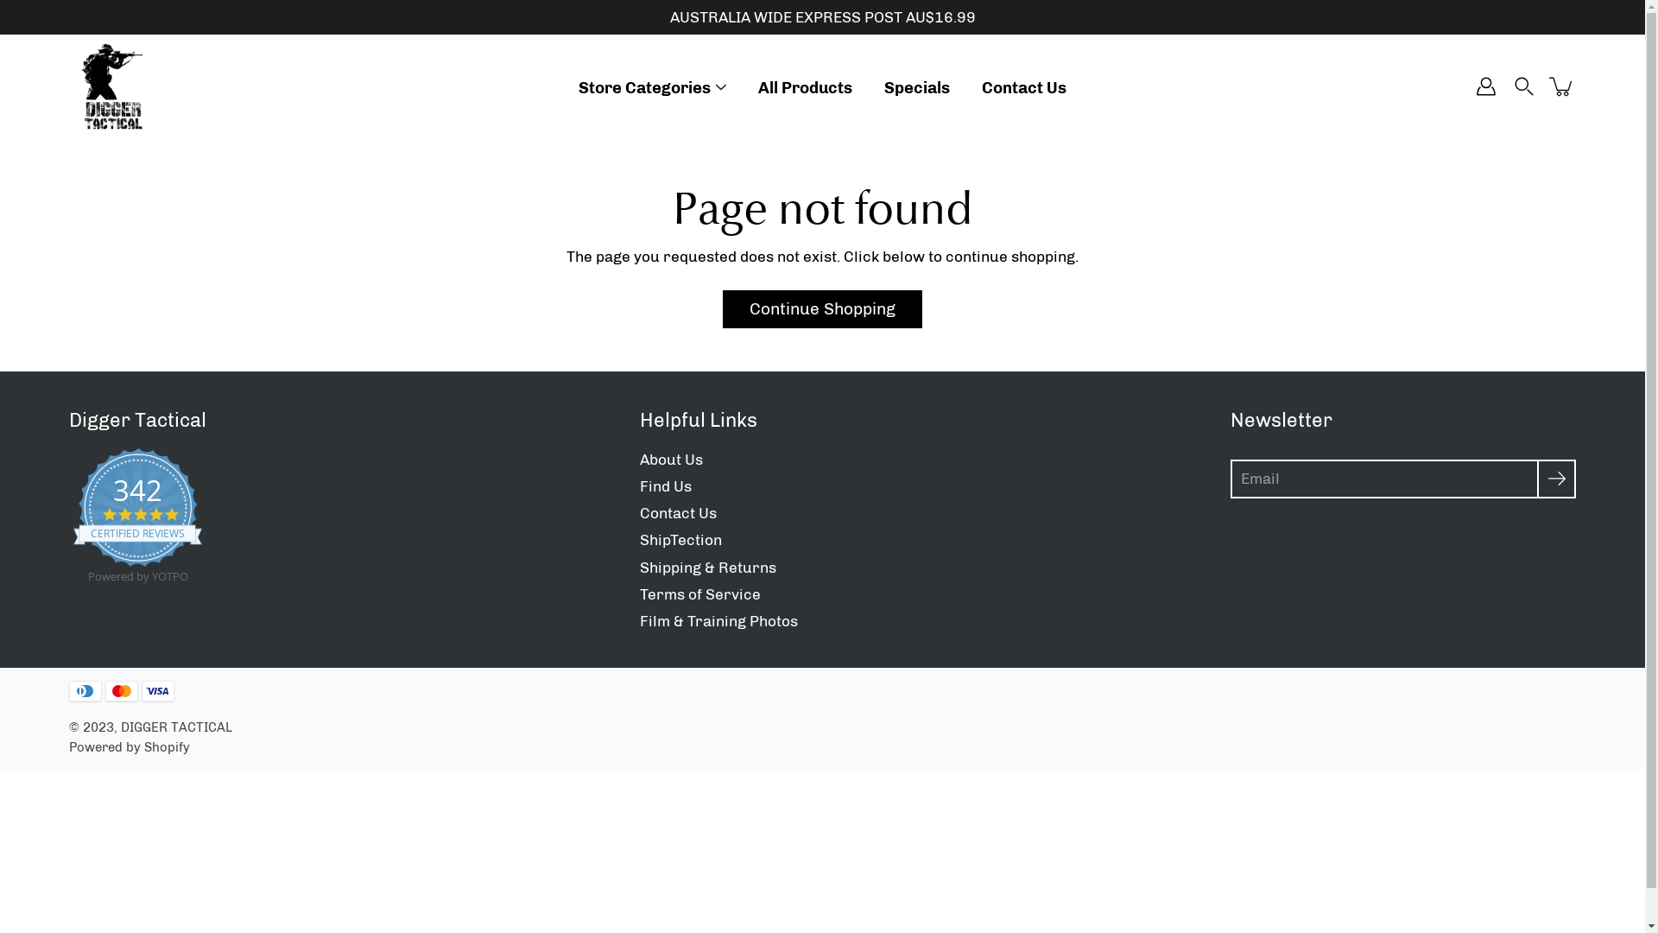  Describe the element at coordinates (718, 619) in the screenshot. I see `'Film & Training Photos'` at that location.